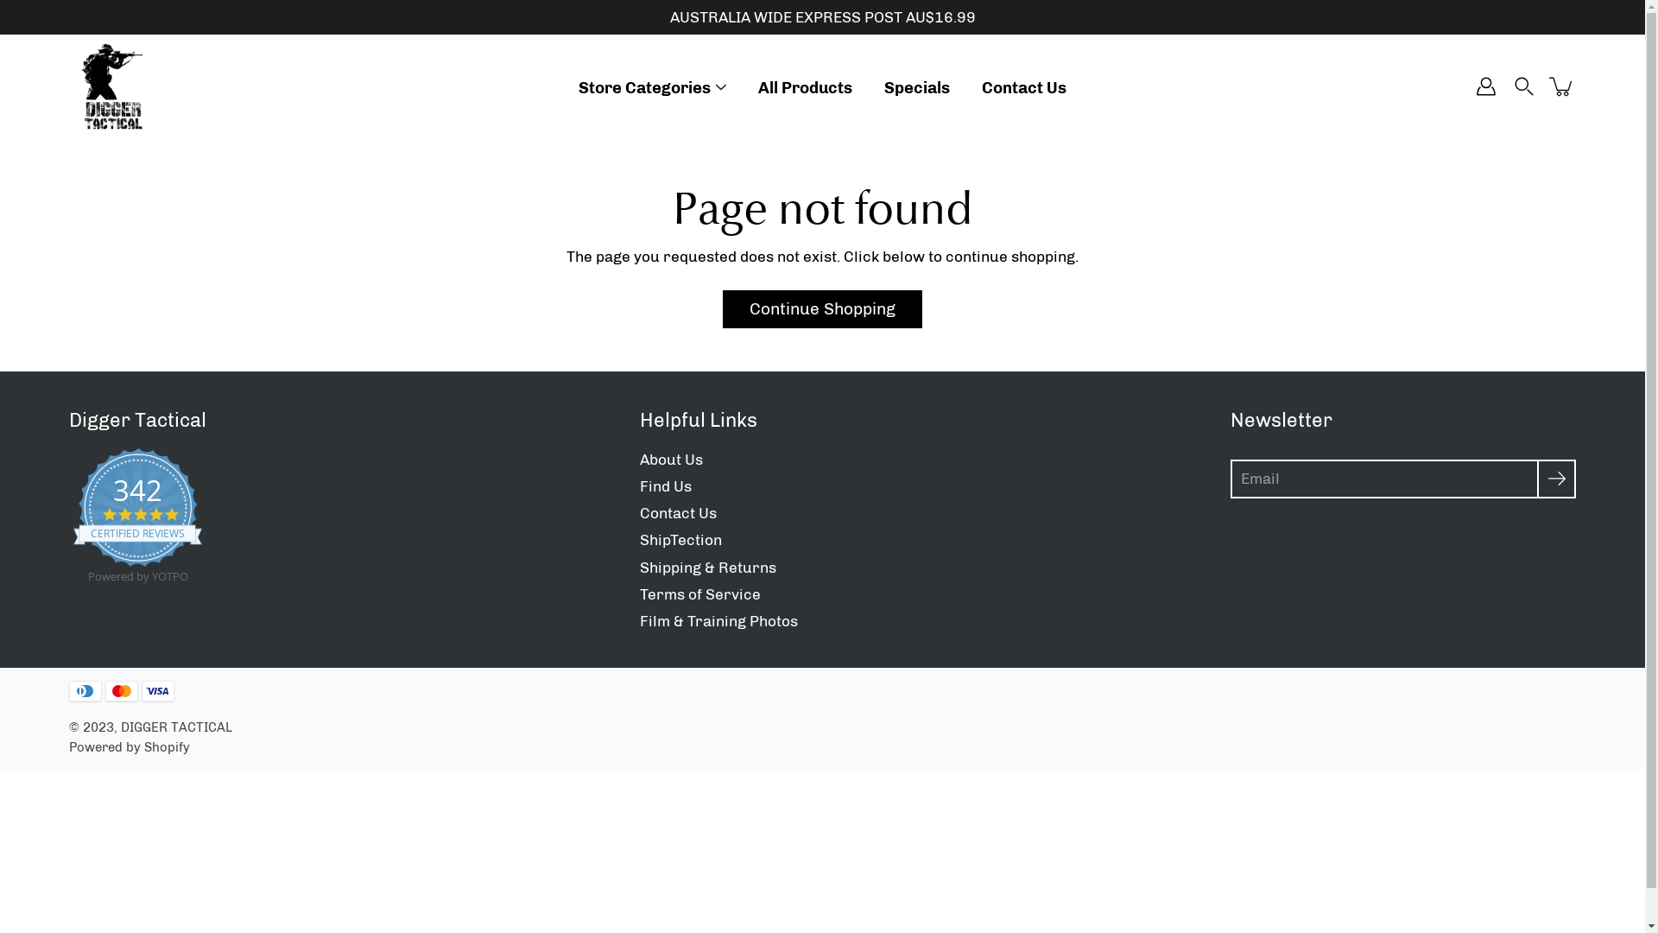  Describe the element at coordinates (718, 619) in the screenshot. I see `'Film & Training Photos'` at that location.